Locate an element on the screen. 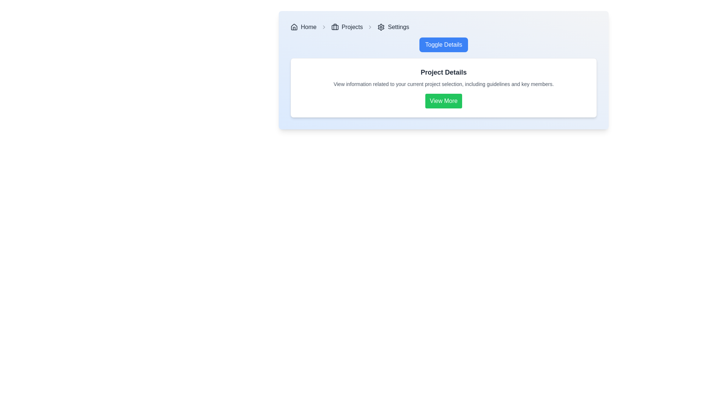  the 'Home' hyperlink text with icon in the navigation bar is located at coordinates (303, 26).